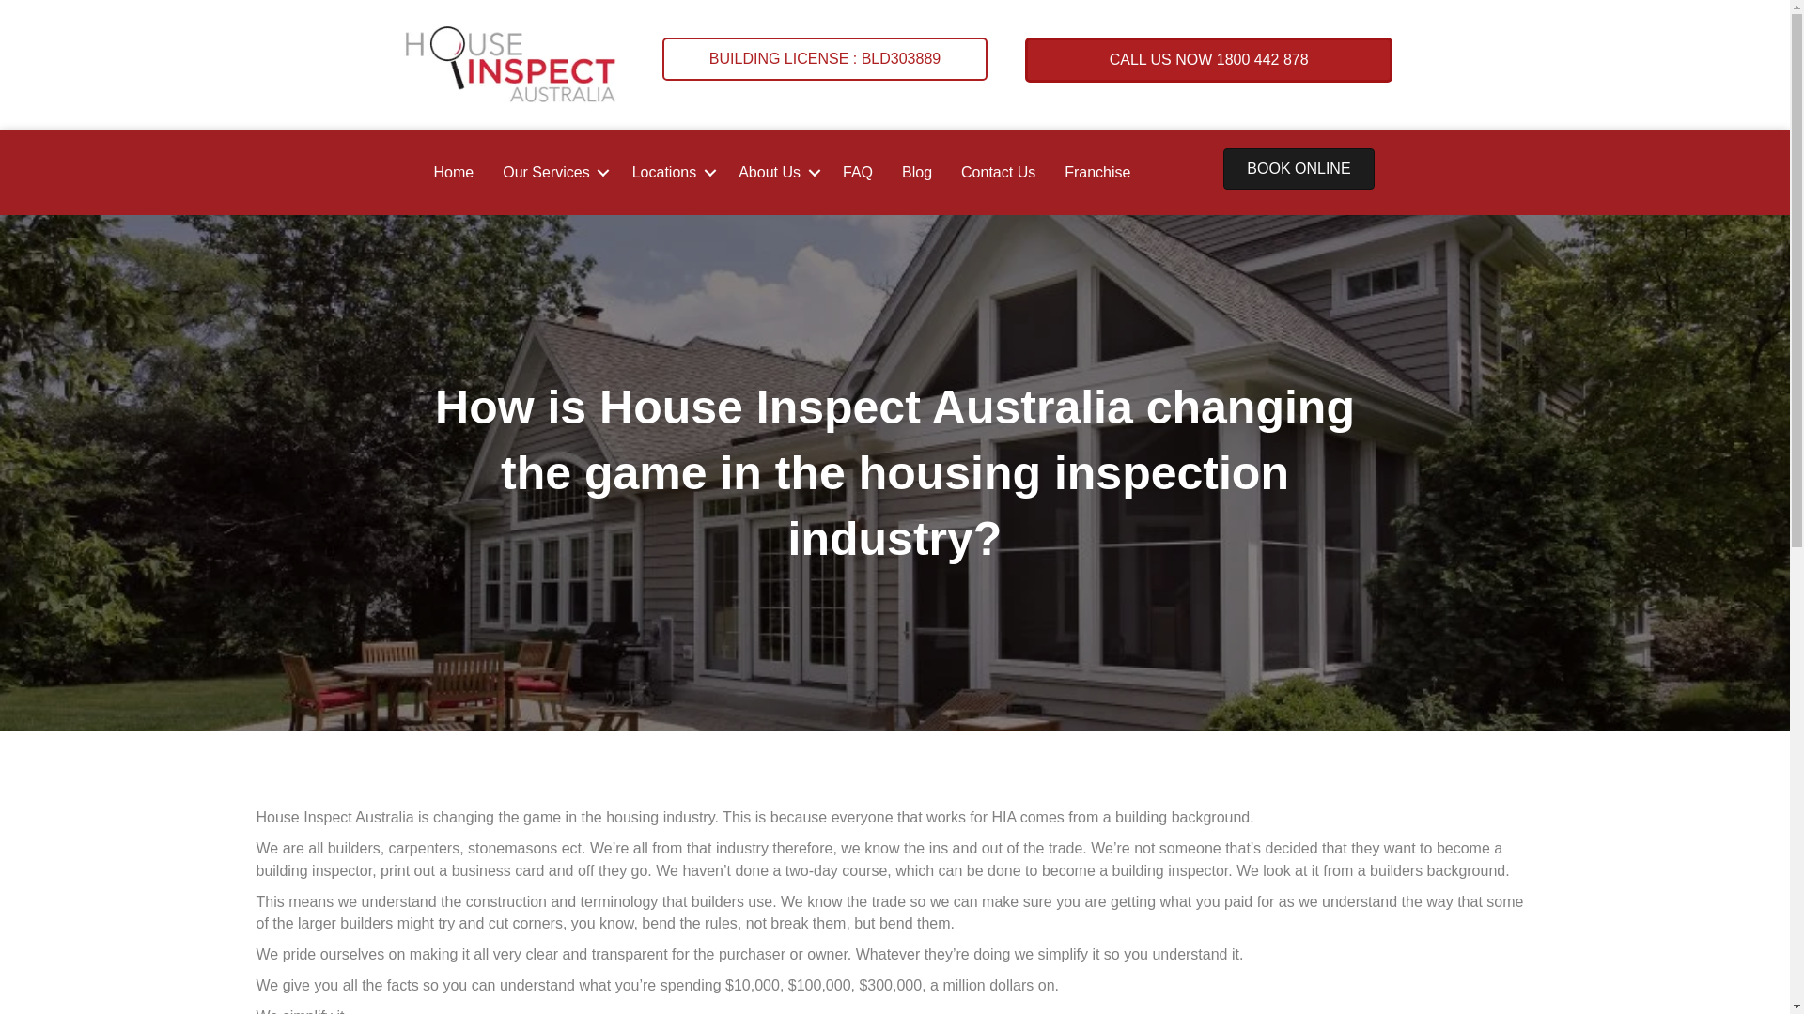  Describe the element at coordinates (671, 172) in the screenshot. I see `'Locations'` at that location.